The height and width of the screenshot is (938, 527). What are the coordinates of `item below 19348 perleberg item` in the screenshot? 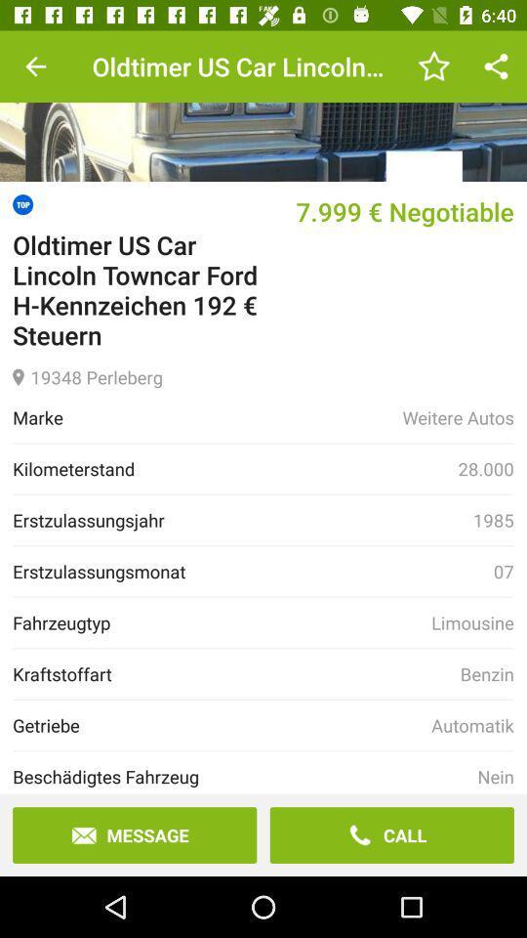 It's located at (458, 417).